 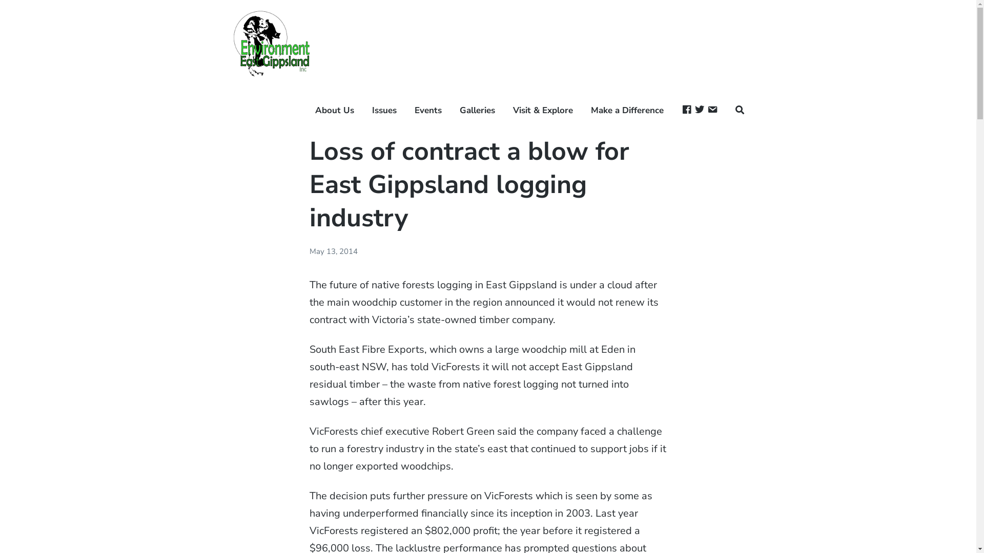 What do you see at coordinates (314, 111) in the screenshot?
I see `'About Us'` at bounding box center [314, 111].